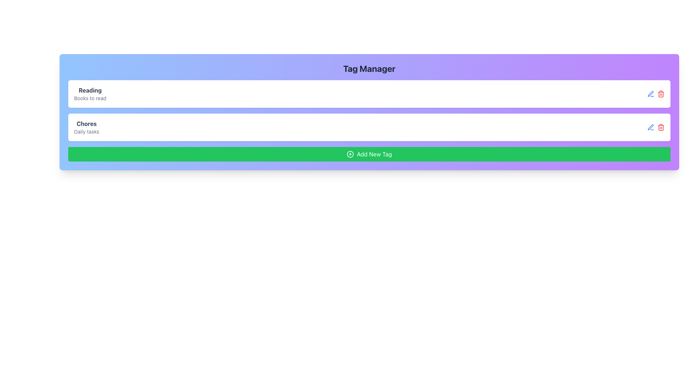 This screenshot has height=392, width=697. What do you see at coordinates (369, 69) in the screenshot?
I see `the bold header text 'Tag Manager'` at bounding box center [369, 69].